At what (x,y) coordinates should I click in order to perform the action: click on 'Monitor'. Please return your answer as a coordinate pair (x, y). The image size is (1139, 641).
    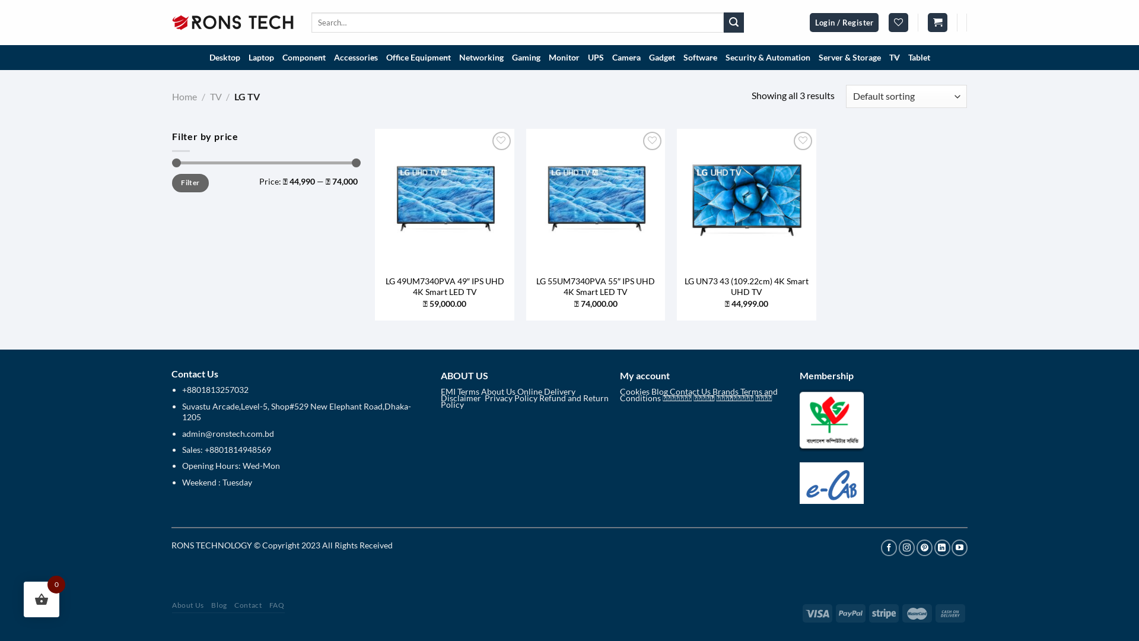
    Looking at the image, I should click on (563, 57).